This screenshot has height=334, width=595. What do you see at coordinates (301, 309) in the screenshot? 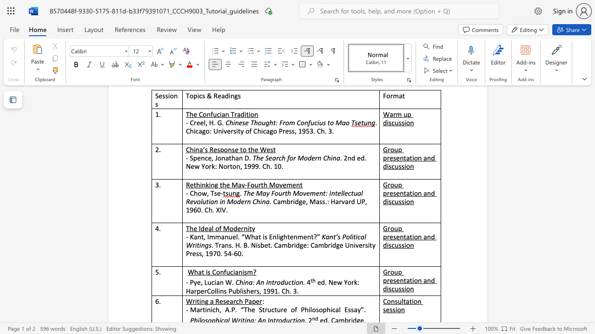
I see `the subset text "Philosophical Essa" within the text "Martinich, A.P. “The Structure of Philosophical Essay"` at bounding box center [301, 309].